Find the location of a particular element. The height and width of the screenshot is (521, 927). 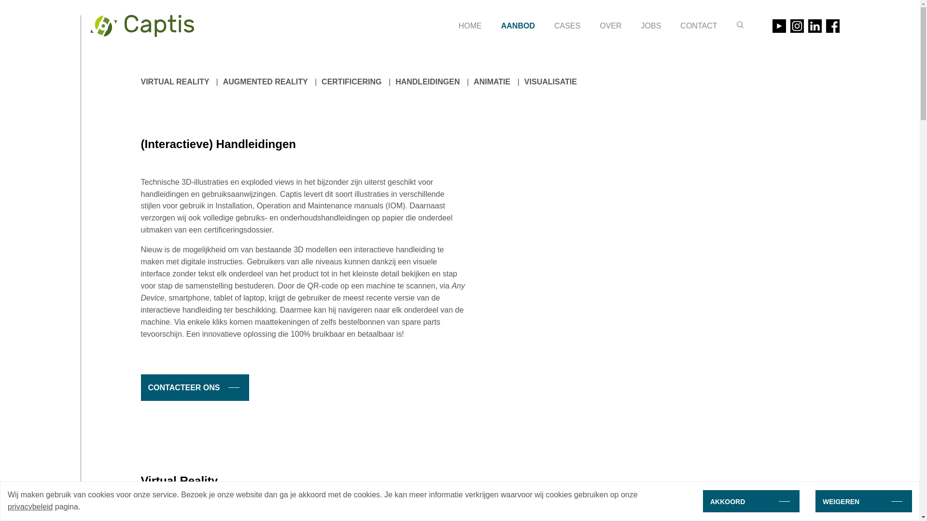

'CERTIFICERING' is located at coordinates (351, 81).